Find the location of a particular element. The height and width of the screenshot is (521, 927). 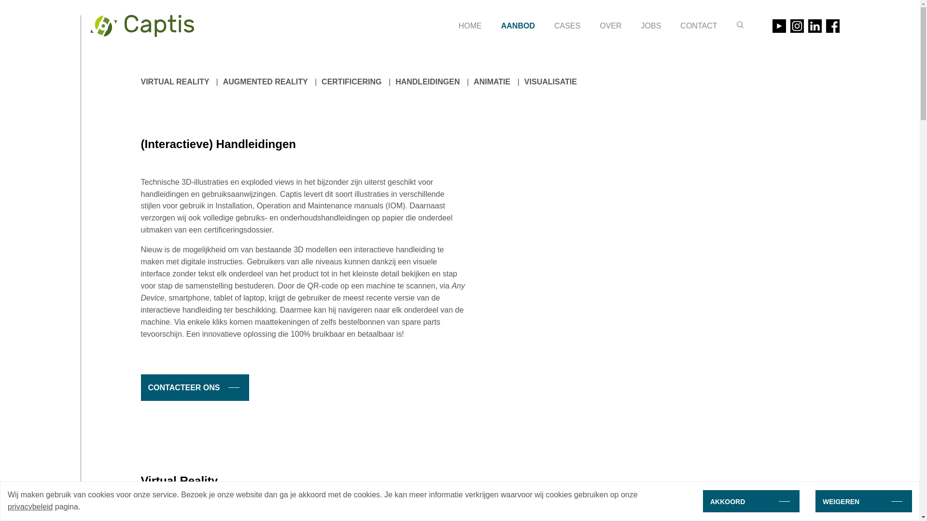

'CERTIFICERING' is located at coordinates (351, 81).